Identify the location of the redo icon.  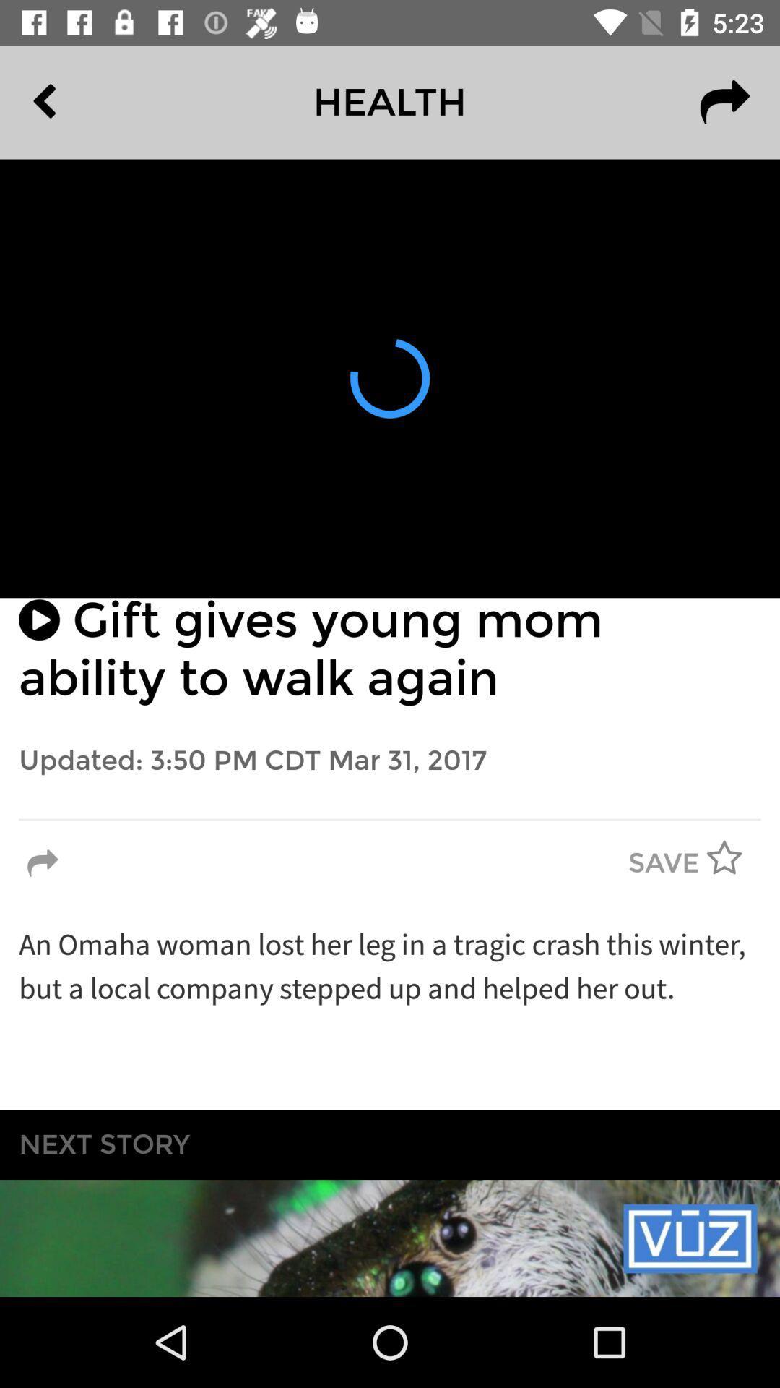
(724, 101).